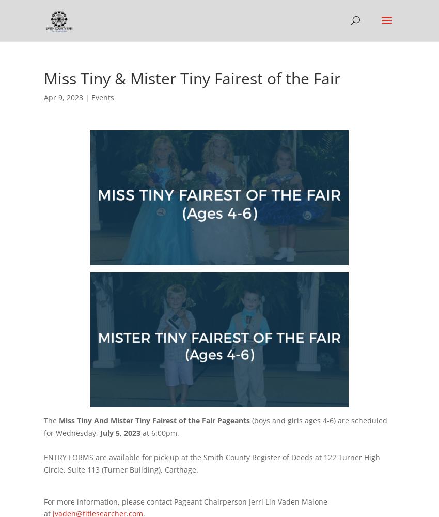 Image resolution: width=439 pixels, height=517 pixels. Describe the element at coordinates (160, 432) in the screenshot. I see `'at 6:00pm.'` at that location.